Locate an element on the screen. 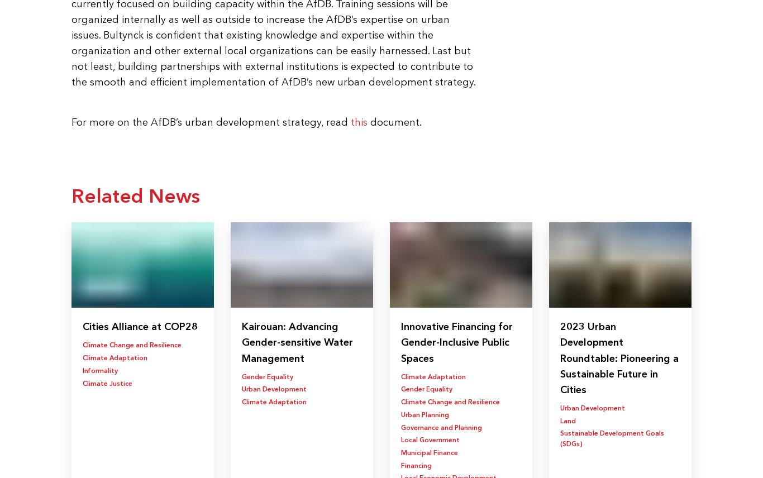 Image resolution: width=763 pixels, height=478 pixels. 'Cities Alliance at COP28' is located at coordinates (82, 322).